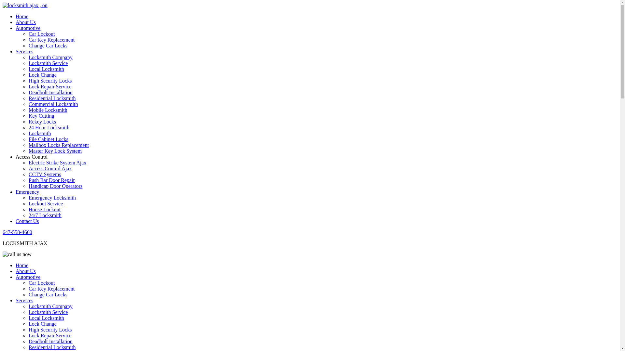 Image resolution: width=625 pixels, height=351 pixels. Describe the element at coordinates (28, 74) in the screenshot. I see `'Lock Change'` at that location.